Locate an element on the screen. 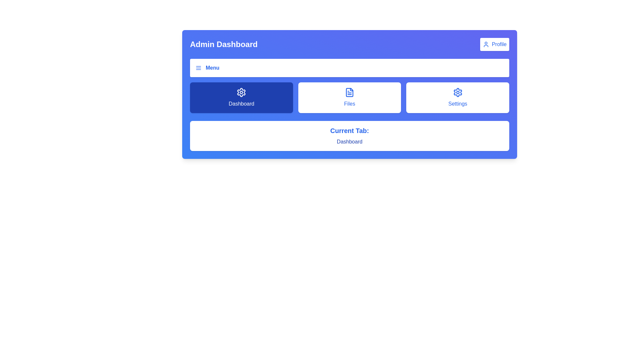 The width and height of the screenshot is (628, 353). the button located in the top-left section of the interface, preceding the 'Menu' label is located at coordinates (198, 68).